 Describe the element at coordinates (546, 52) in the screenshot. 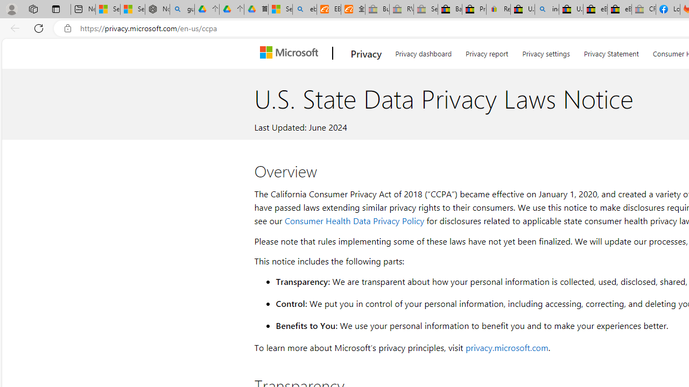

I see `'Privacy settings'` at that location.